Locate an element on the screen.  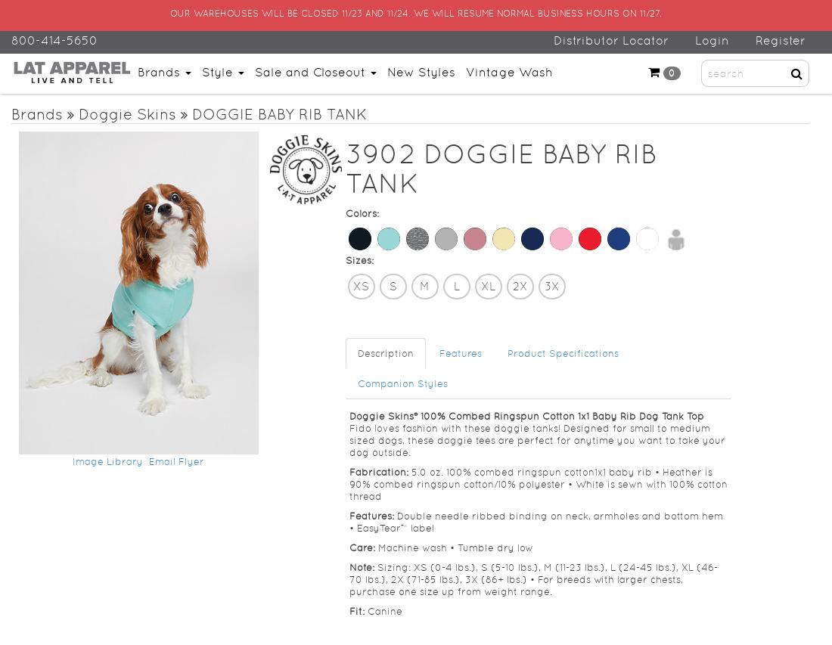
'Fabrication:' is located at coordinates (380, 472).